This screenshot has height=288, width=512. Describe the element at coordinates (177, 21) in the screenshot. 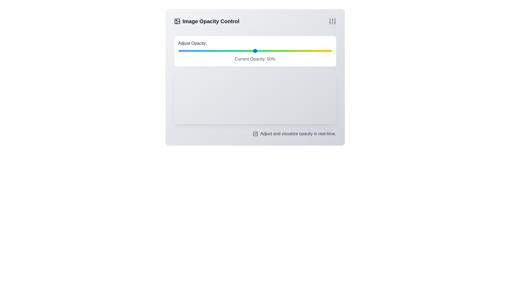

I see `the SVG icon that resembles a bordered square containing a circle in the upper left and a stylized diagonal line, located to the left of the 'Image Opacity Control' text in the header section` at that location.